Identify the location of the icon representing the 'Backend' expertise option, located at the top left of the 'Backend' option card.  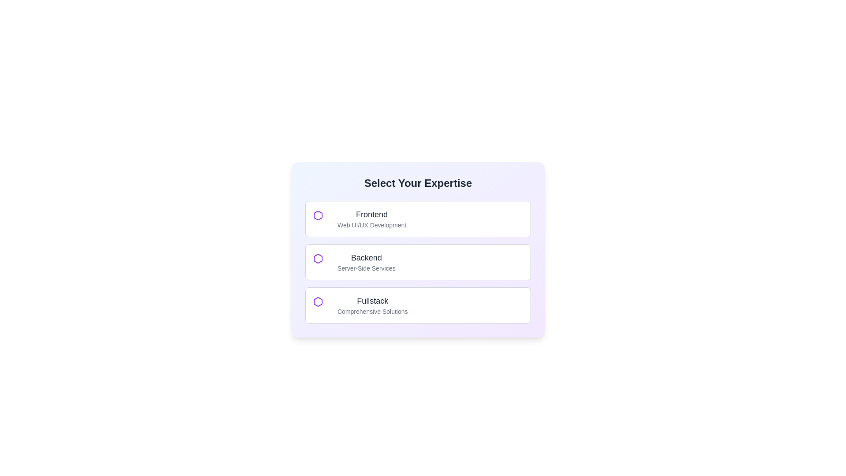
(321, 261).